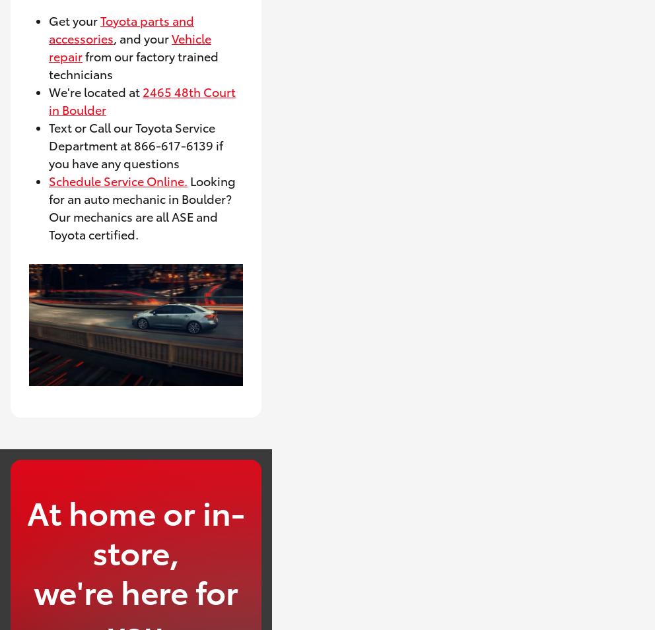 This screenshot has height=630, width=655. What do you see at coordinates (133, 63) in the screenshot?
I see `'from our factory trained 
technicians'` at bounding box center [133, 63].